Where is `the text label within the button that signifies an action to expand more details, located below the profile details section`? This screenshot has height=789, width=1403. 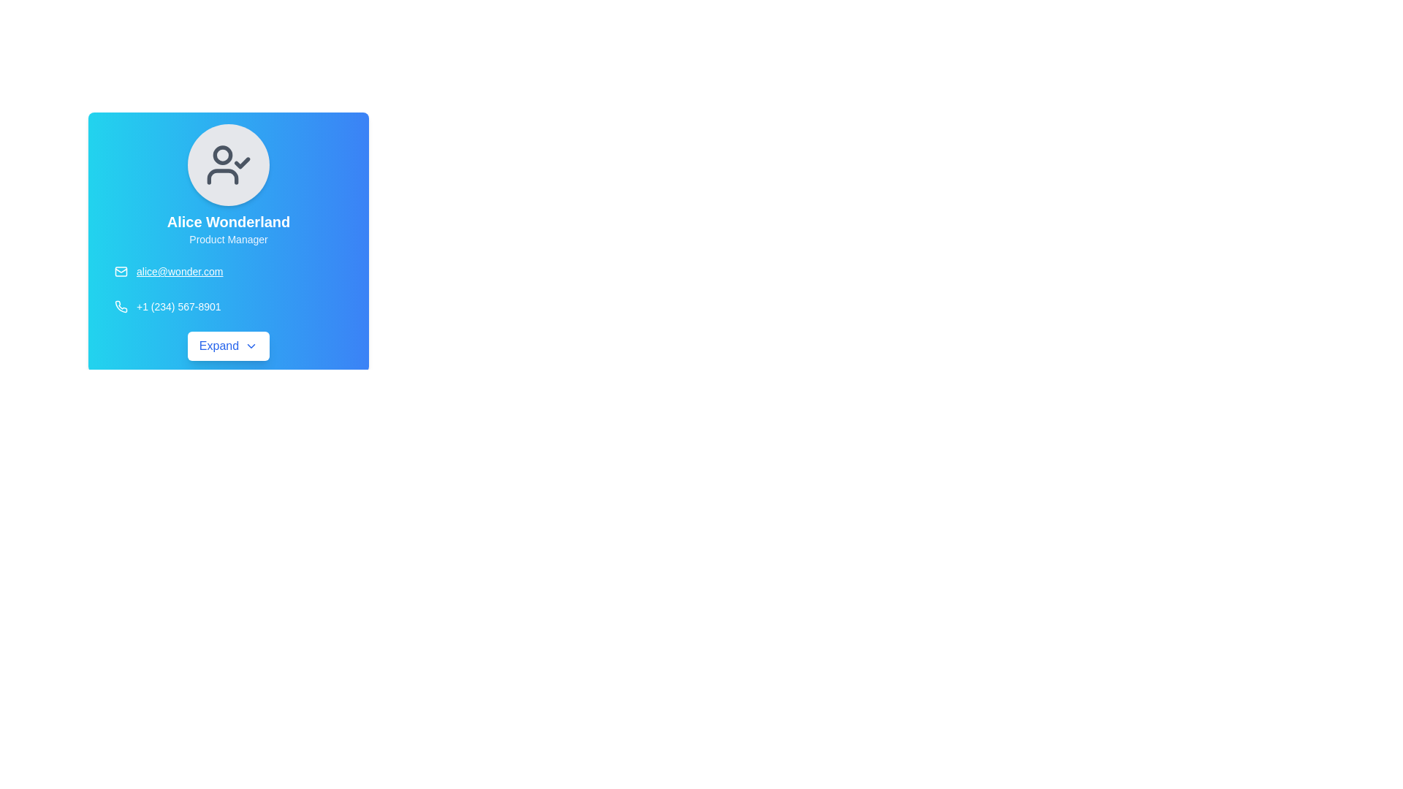
the text label within the button that signifies an action to expand more details, located below the profile details section is located at coordinates (218, 346).